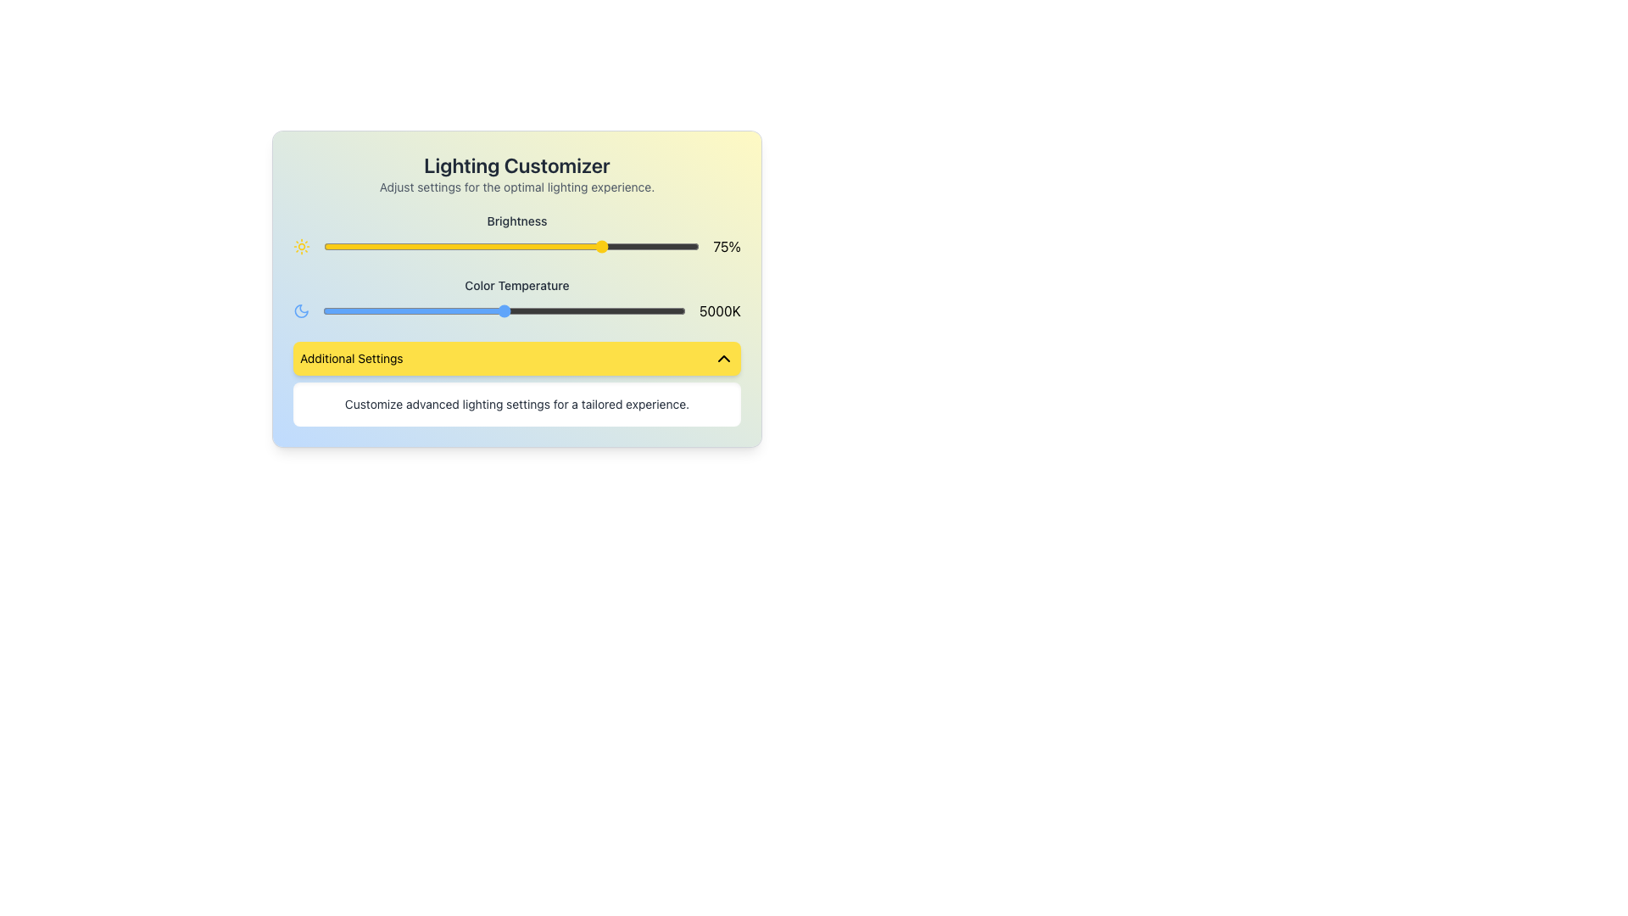 Image resolution: width=1628 pixels, height=916 pixels. Describe the element at coordinates (414, 246) in the screenshot. I see `the brightness level` at that location.